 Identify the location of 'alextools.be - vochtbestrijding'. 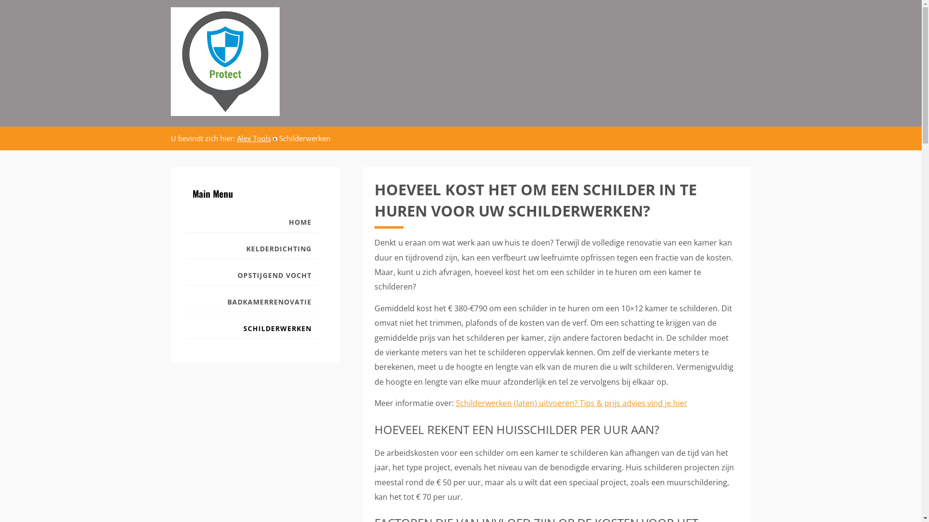
(170, 61).